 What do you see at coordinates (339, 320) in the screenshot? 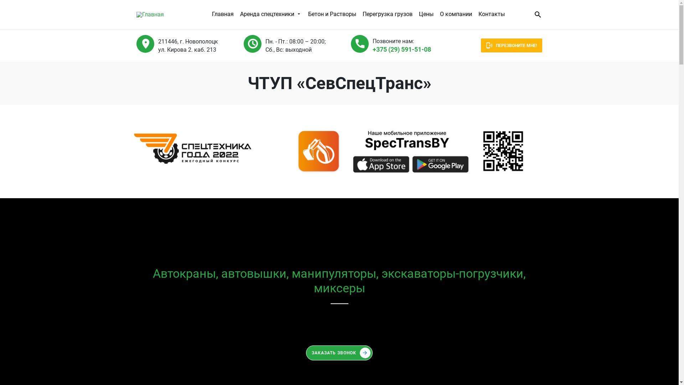
I see `'+375 (29) 591-51-08'` at bounding box center [339, 320].